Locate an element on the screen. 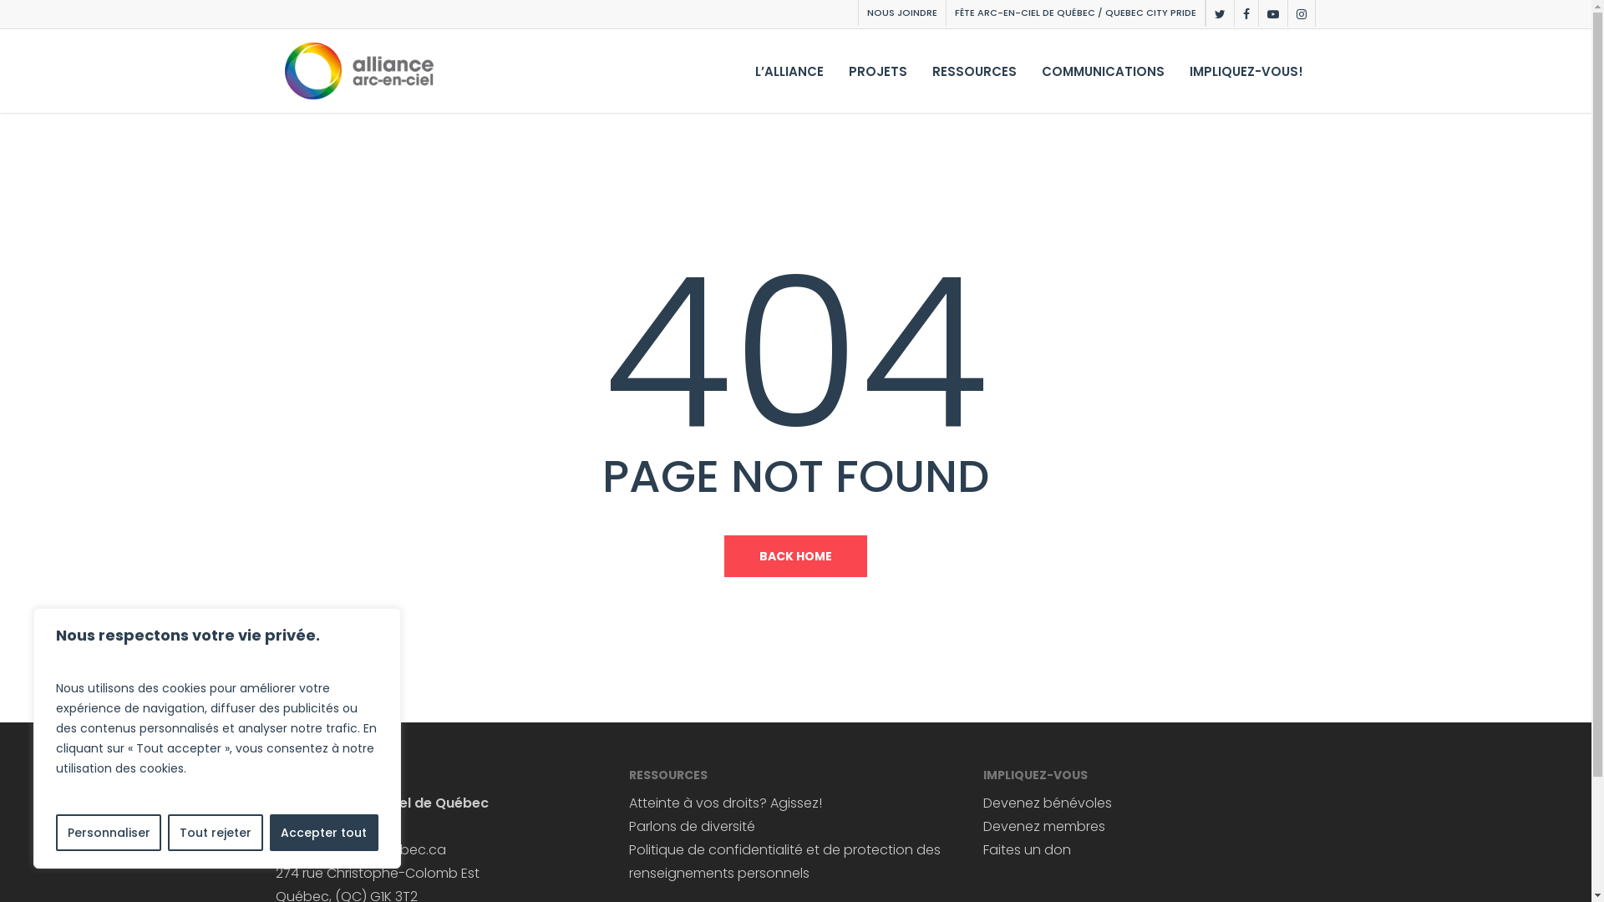 This screenshot has width=1604, height=902. 'COMMUNICATIONS' is located at coordinates (1028, 70).